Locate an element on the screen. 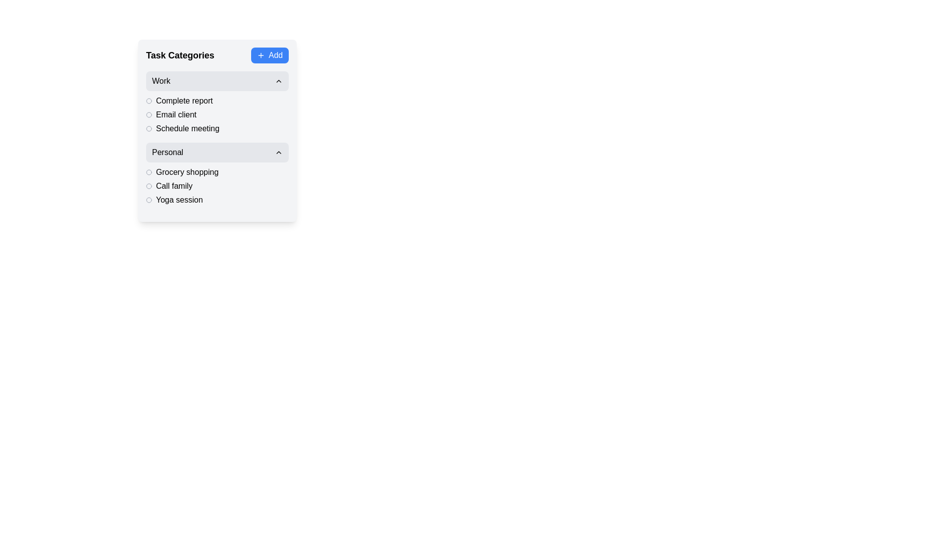 Image resolution: width=951 pixels, height=535 pixels. the 'Schedule meeting' list item, which is the third item under the 'Work' category is located at coordinates (216, 128).